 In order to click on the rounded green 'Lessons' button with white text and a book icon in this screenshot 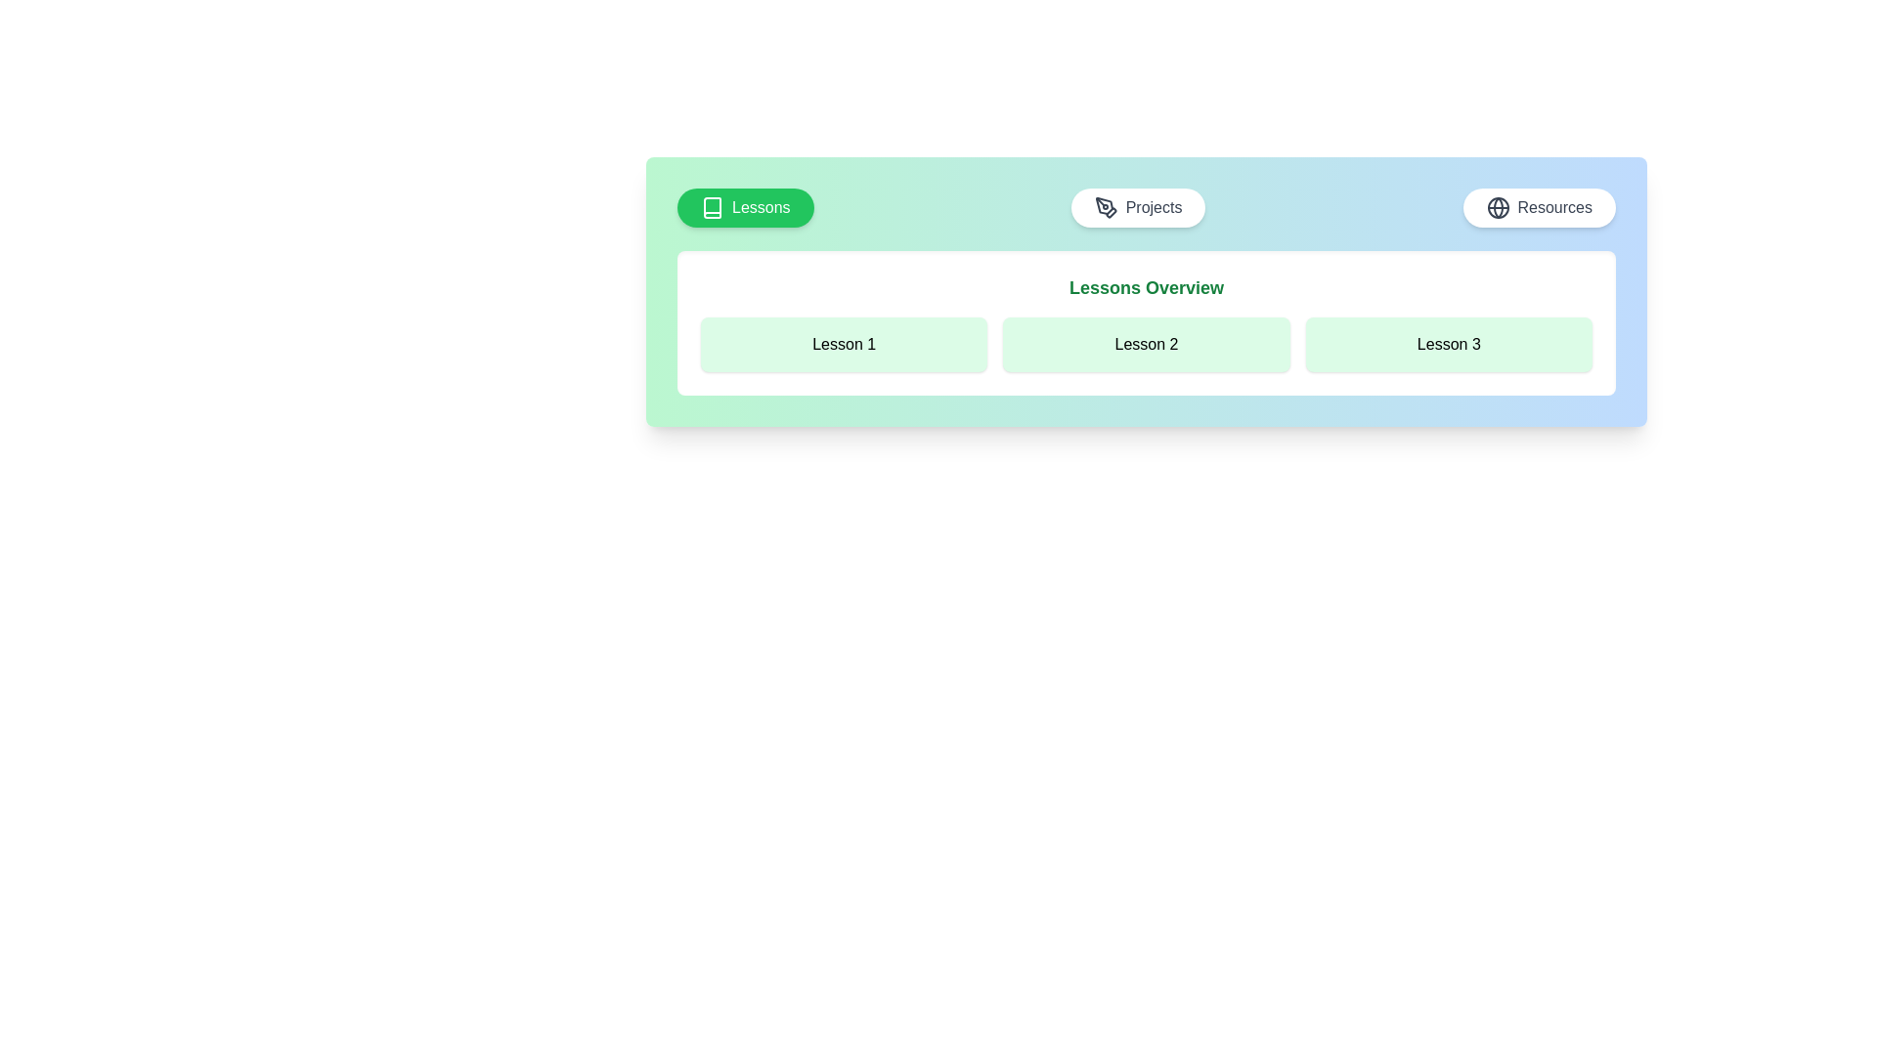, I will do `click(744, 207)`.